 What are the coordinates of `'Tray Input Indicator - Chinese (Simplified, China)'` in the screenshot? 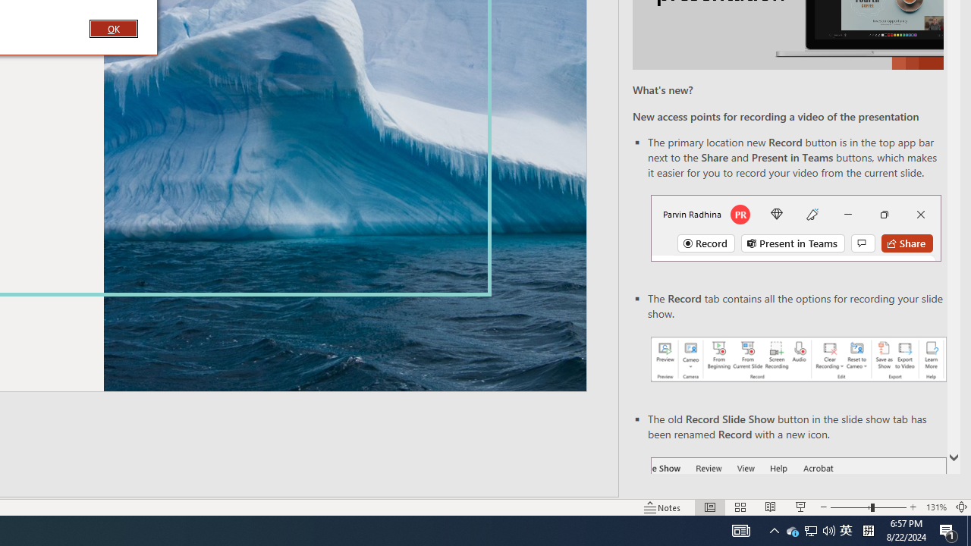 It's located at (868, 529).